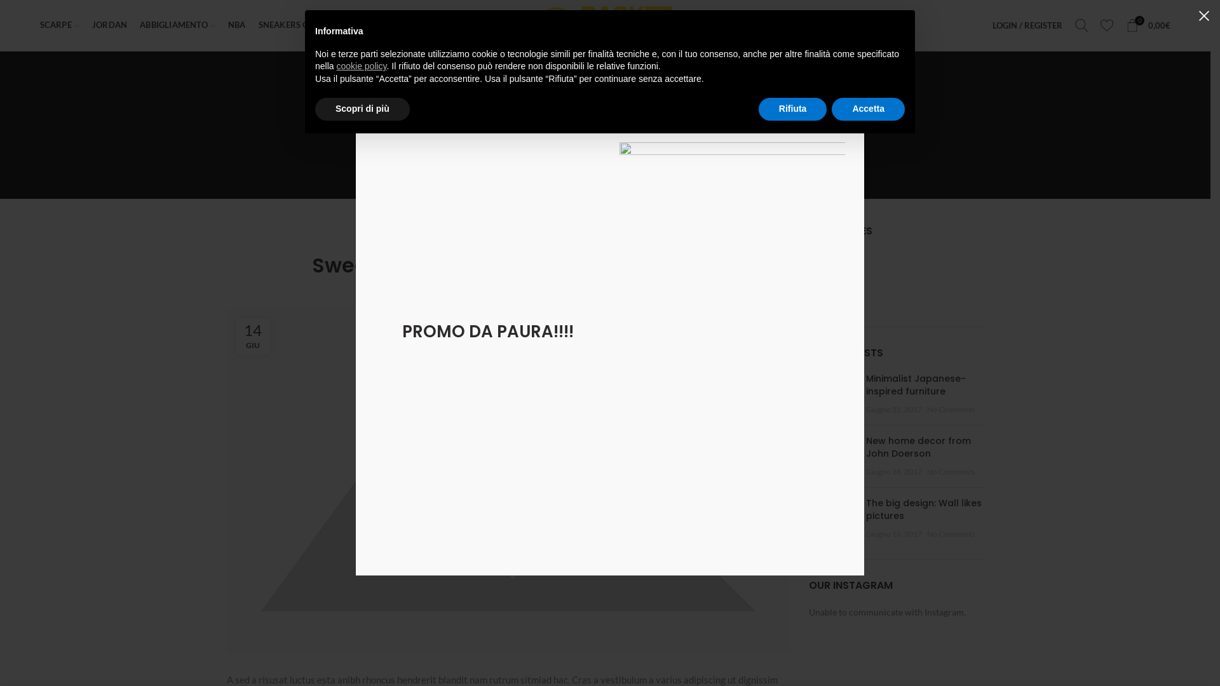  What do you see at coordinates (792, 109) in the screenshot?
I see `'Rifiuta'` at bounding box center [792, 109].